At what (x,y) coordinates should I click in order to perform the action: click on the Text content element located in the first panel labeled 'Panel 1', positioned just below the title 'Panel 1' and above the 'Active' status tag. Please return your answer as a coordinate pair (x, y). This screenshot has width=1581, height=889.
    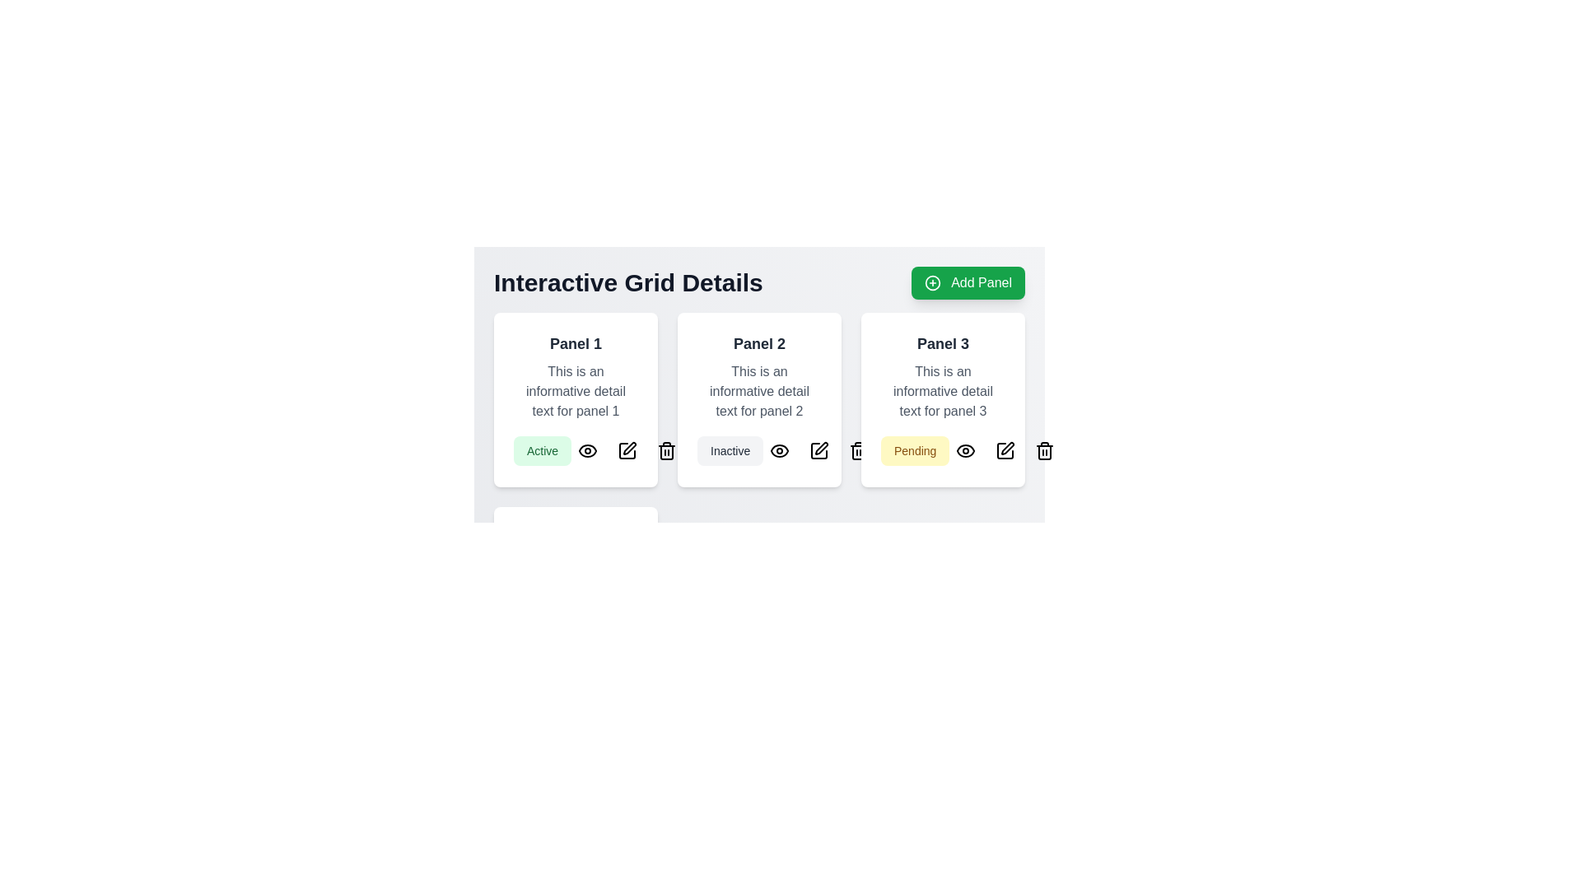
    Looking at the image, I should click on (576, 391).